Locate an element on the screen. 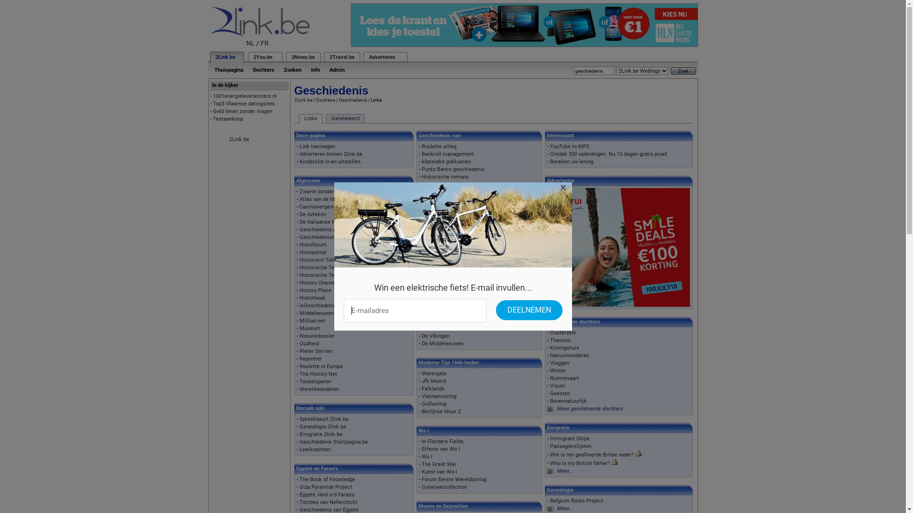  '2You.be' is located at coordinates (262, 57).